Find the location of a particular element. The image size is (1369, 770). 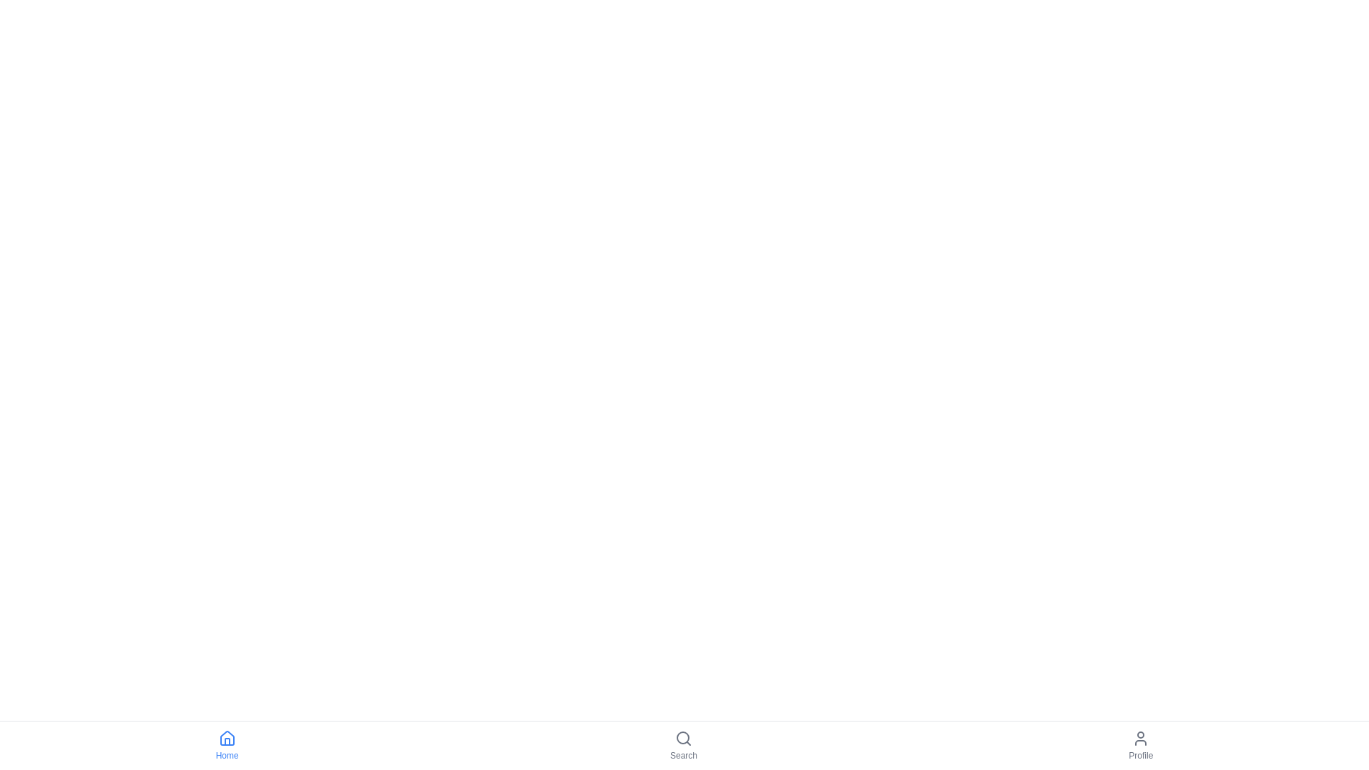

the circular shape within the magnifying glass icon located in the bottom navigation bar is located at coordinates (682, 737).